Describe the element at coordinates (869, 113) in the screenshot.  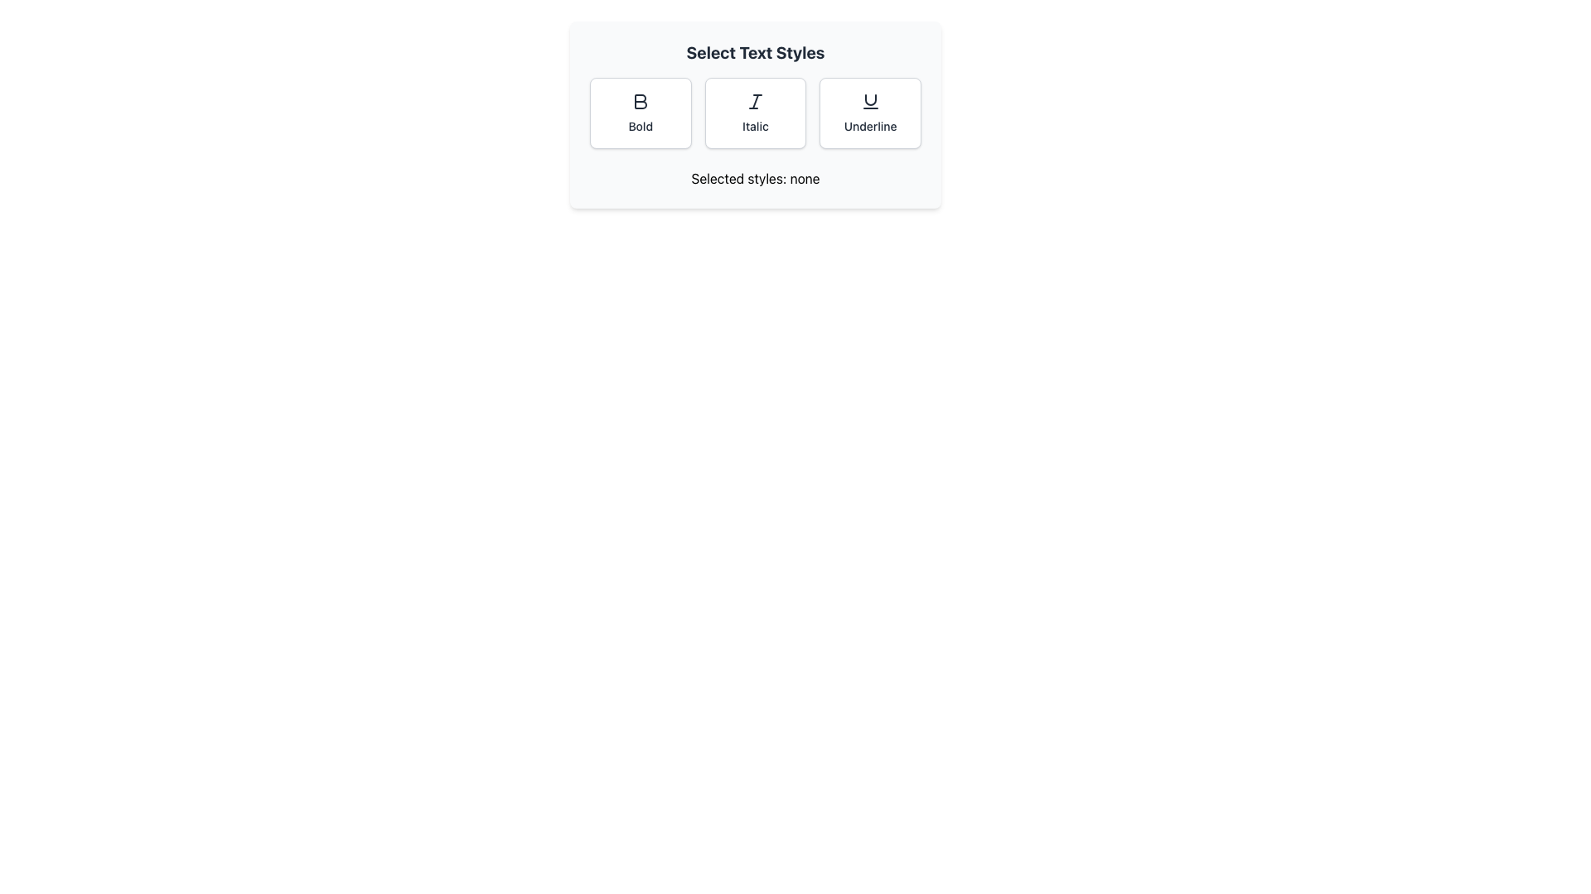
I see `the underline button located on the far right of the button layout in the text editor to apply underline styling to the selected text` at that location.